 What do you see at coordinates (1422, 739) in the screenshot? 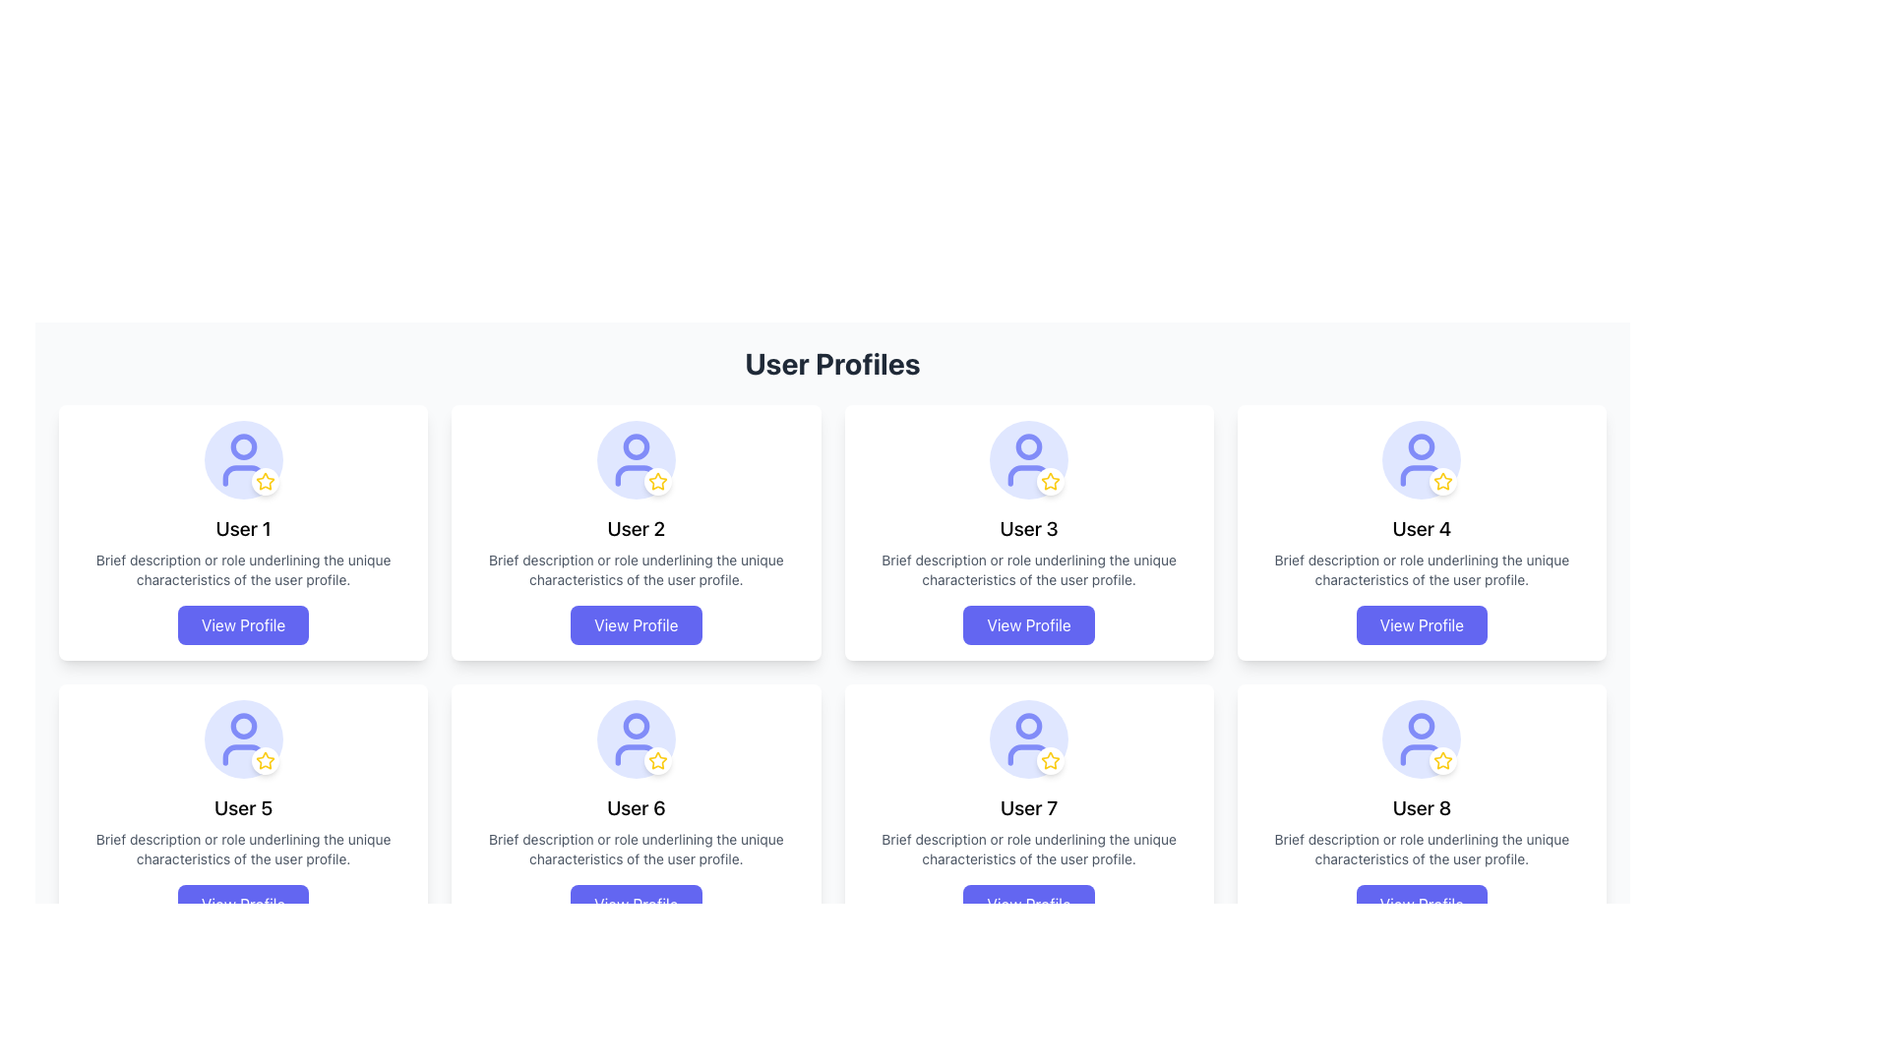
I see `the user profile icon represented by a star in the profile card titled 'User 8', located at the bottom-right of the user profiles grid` at bounding box center [1422, 739].